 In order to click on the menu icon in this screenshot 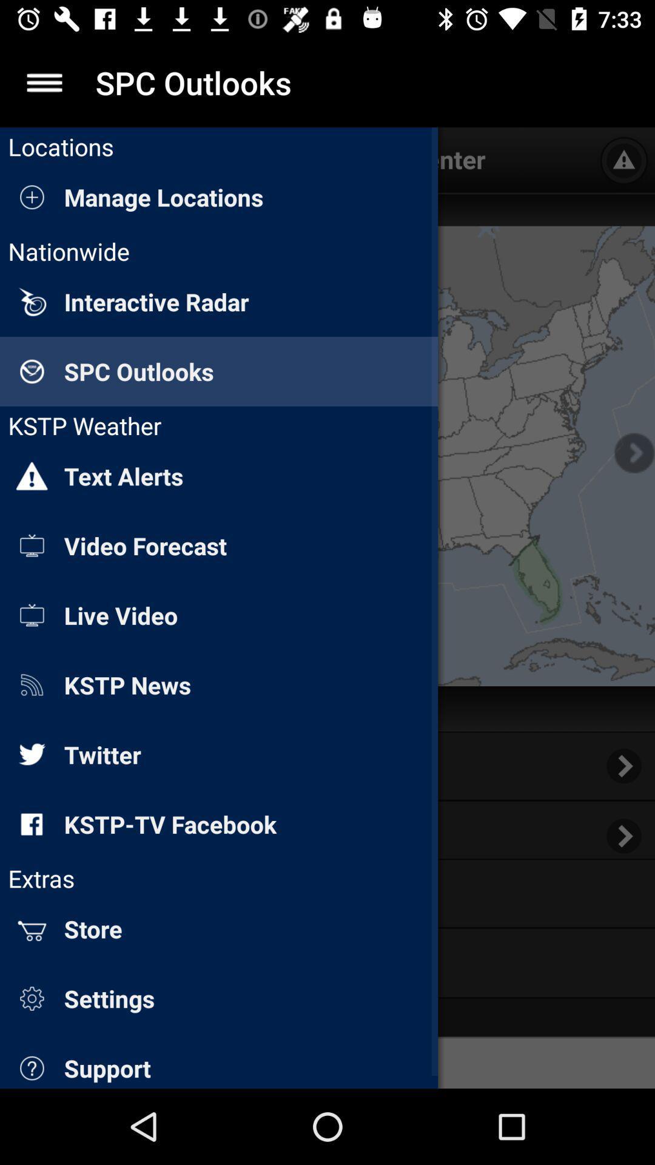, I will do `click(44, 82)`.